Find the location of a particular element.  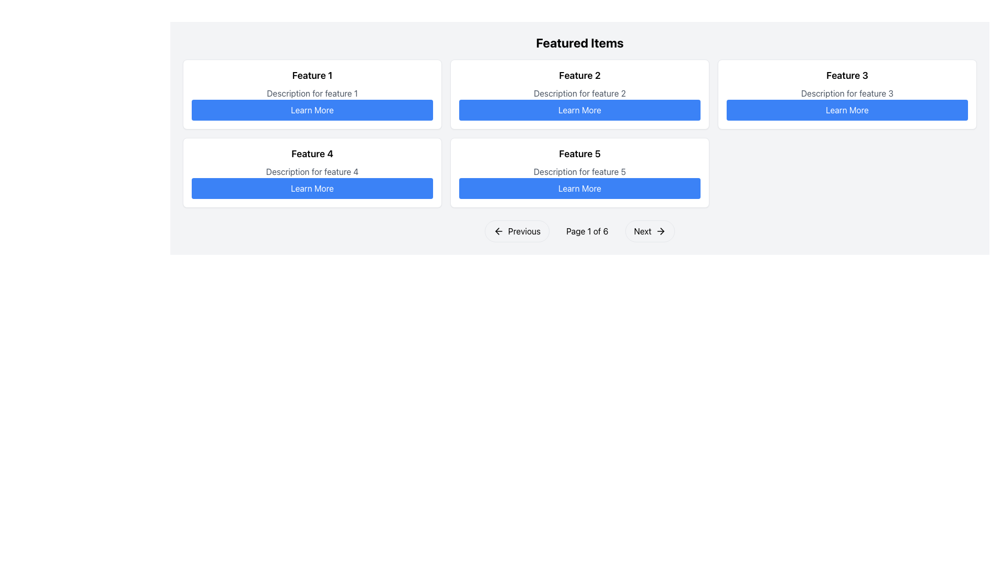

the text label 'Feature 4' is located at coordinates (312, 154).